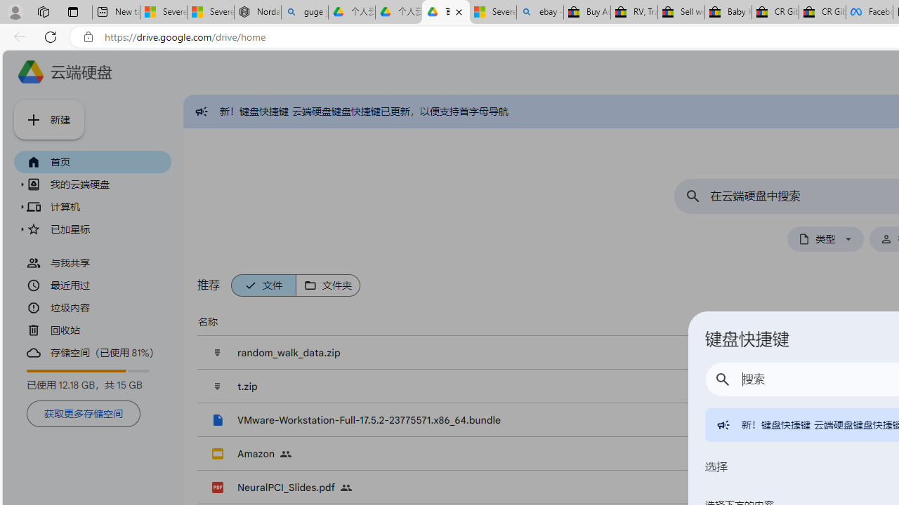 This screenshot has height=505, width=899. I want to click on 'ebay - Search', so click(539, 12).